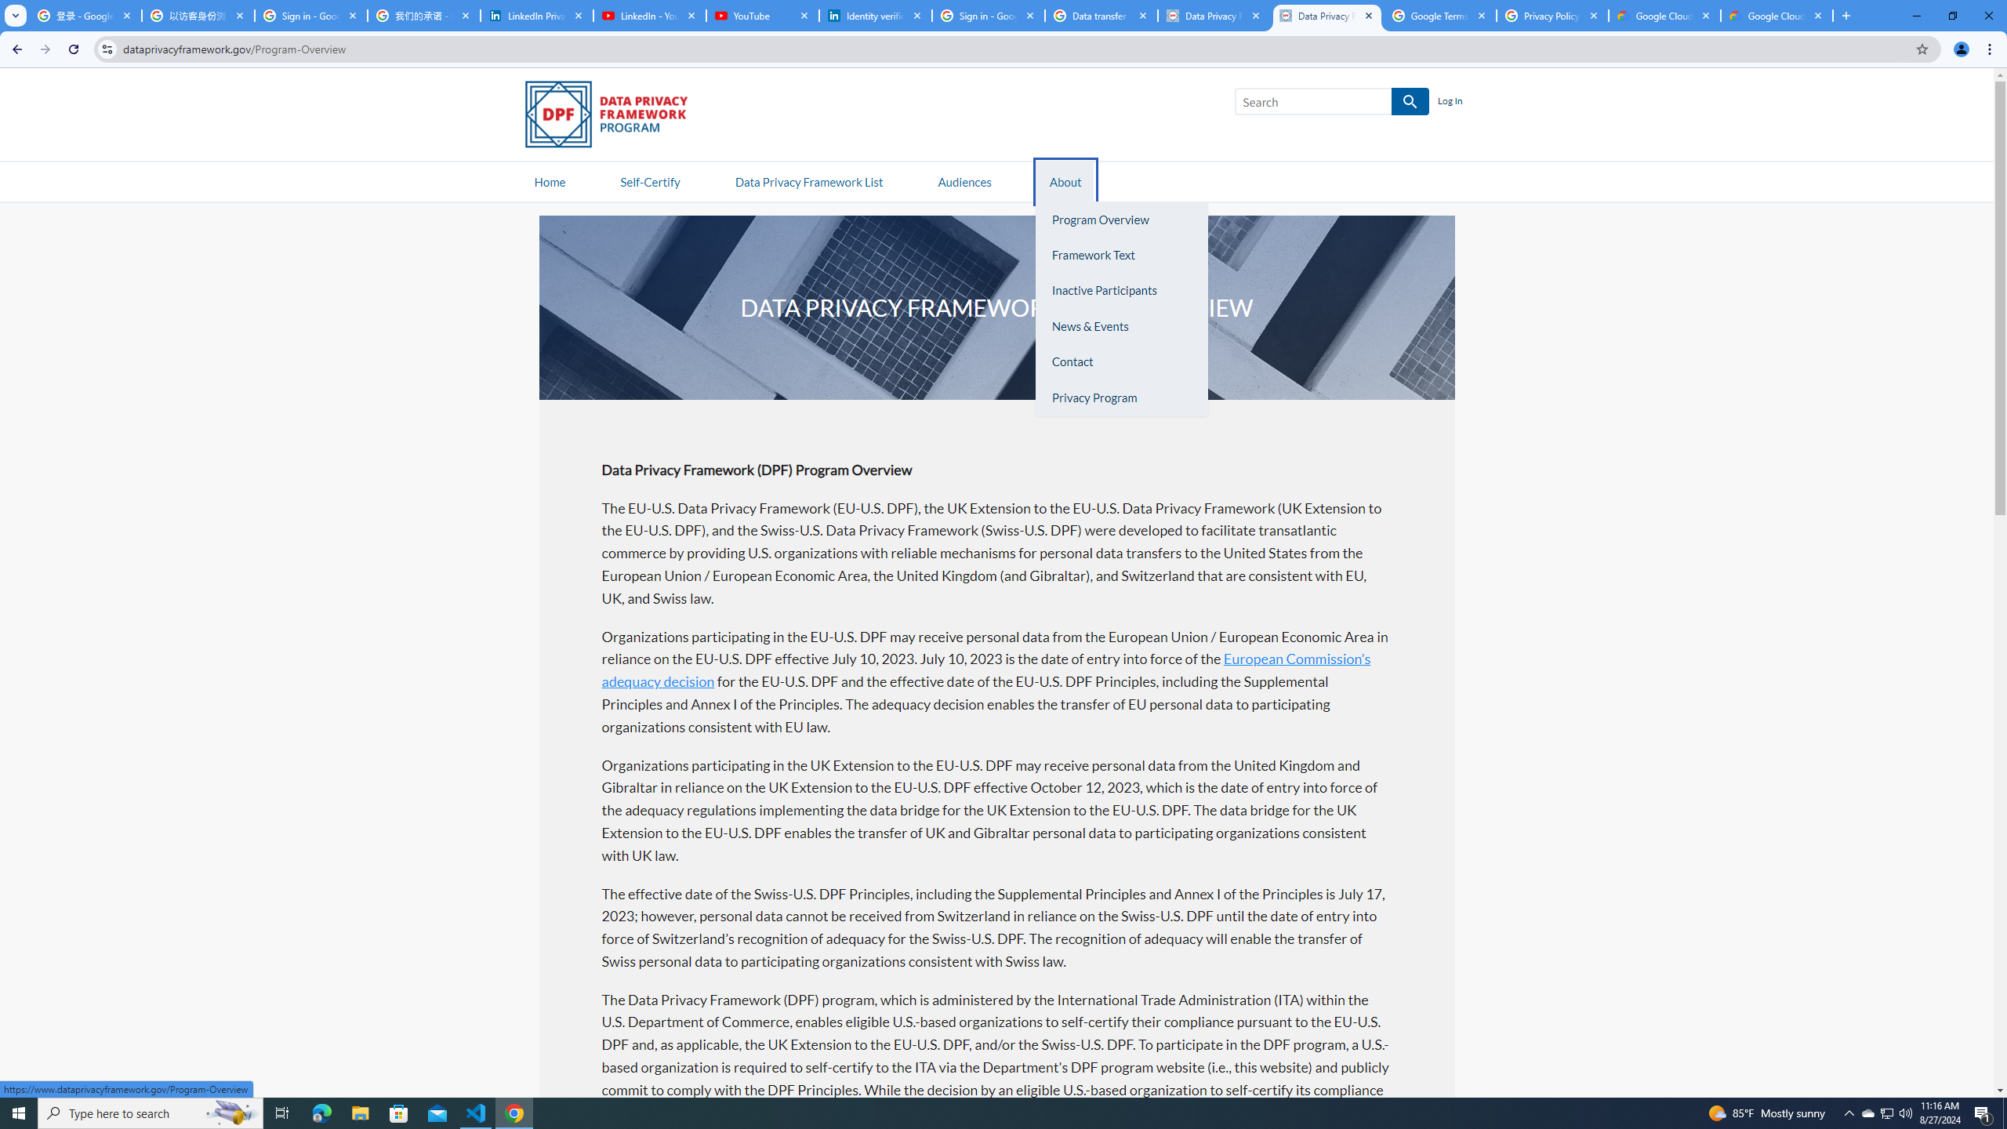 Image resolution: width=2007 pixels, height=1129 pixels. I want to click on 'Framework Text', so click(1121, 255).